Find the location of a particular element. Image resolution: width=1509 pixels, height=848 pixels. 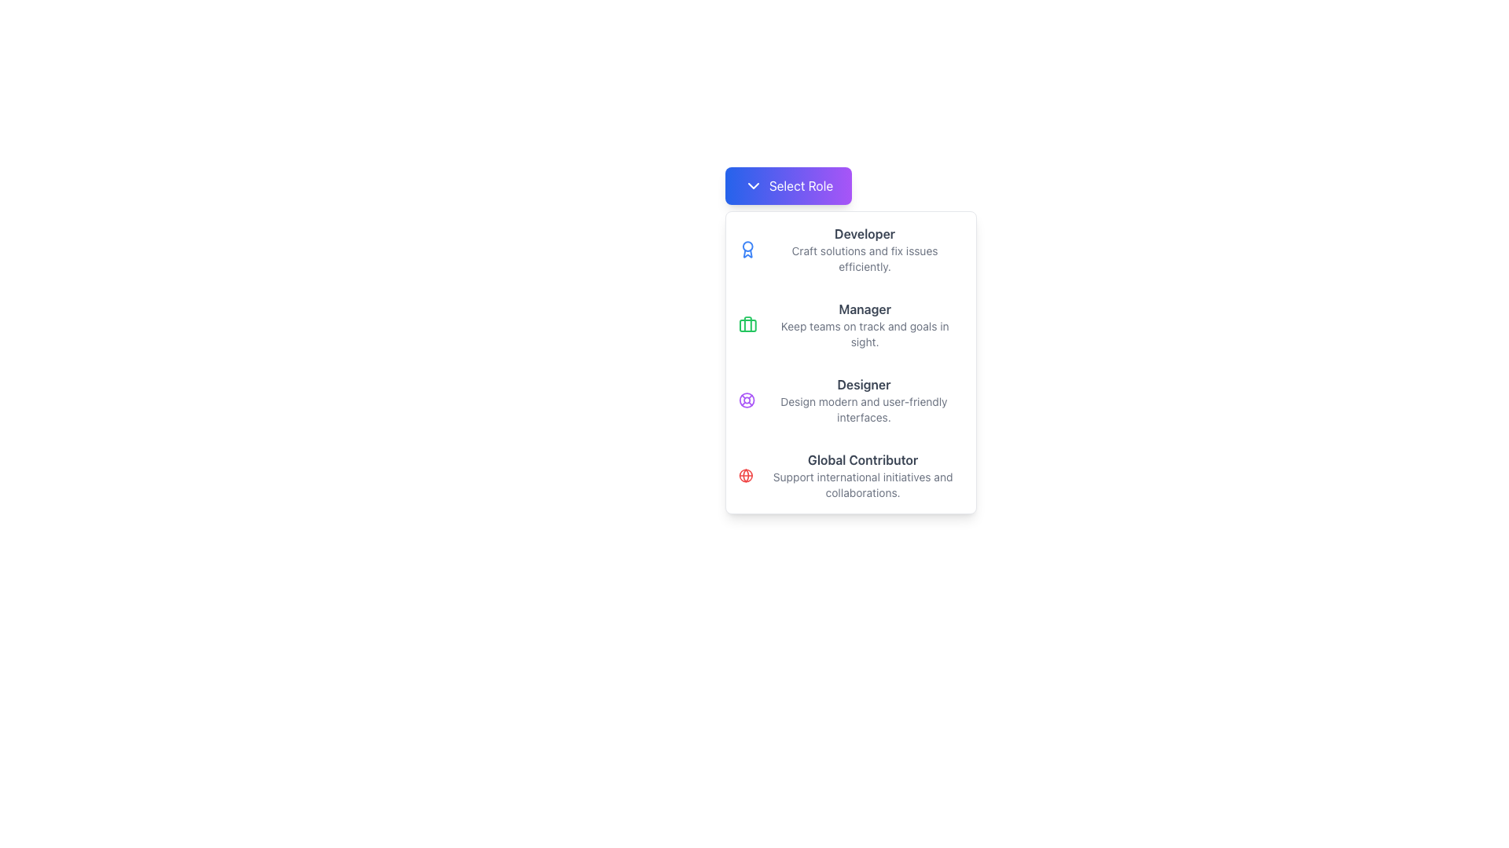

the selectable dropdown item for the 'Designer' role, which is the third entry in the dropdown menu, positioned between 'Manager' and 'Global Contributor' is located at coordinates (850, 399).